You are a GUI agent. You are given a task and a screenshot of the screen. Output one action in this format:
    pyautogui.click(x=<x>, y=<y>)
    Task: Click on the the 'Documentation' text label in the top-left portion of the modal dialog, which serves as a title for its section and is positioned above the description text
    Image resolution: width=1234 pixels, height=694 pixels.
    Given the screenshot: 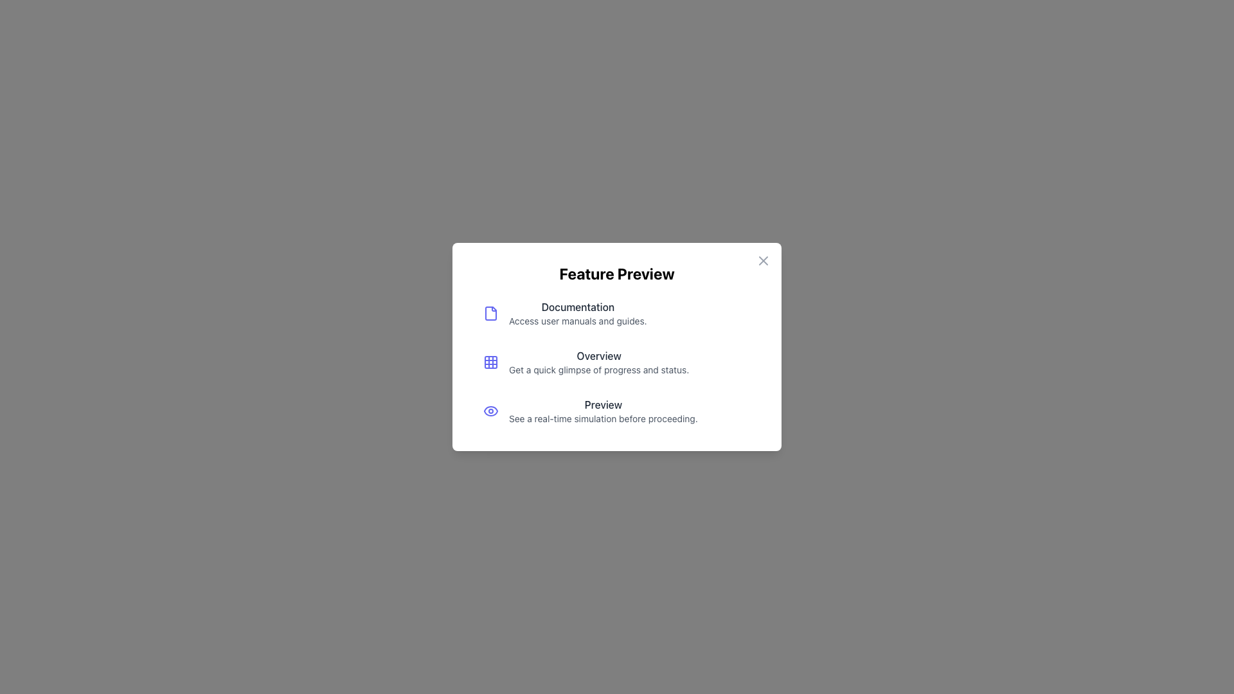 What is the action you would take?
    pyautogui.click(x=577, y=307)
    